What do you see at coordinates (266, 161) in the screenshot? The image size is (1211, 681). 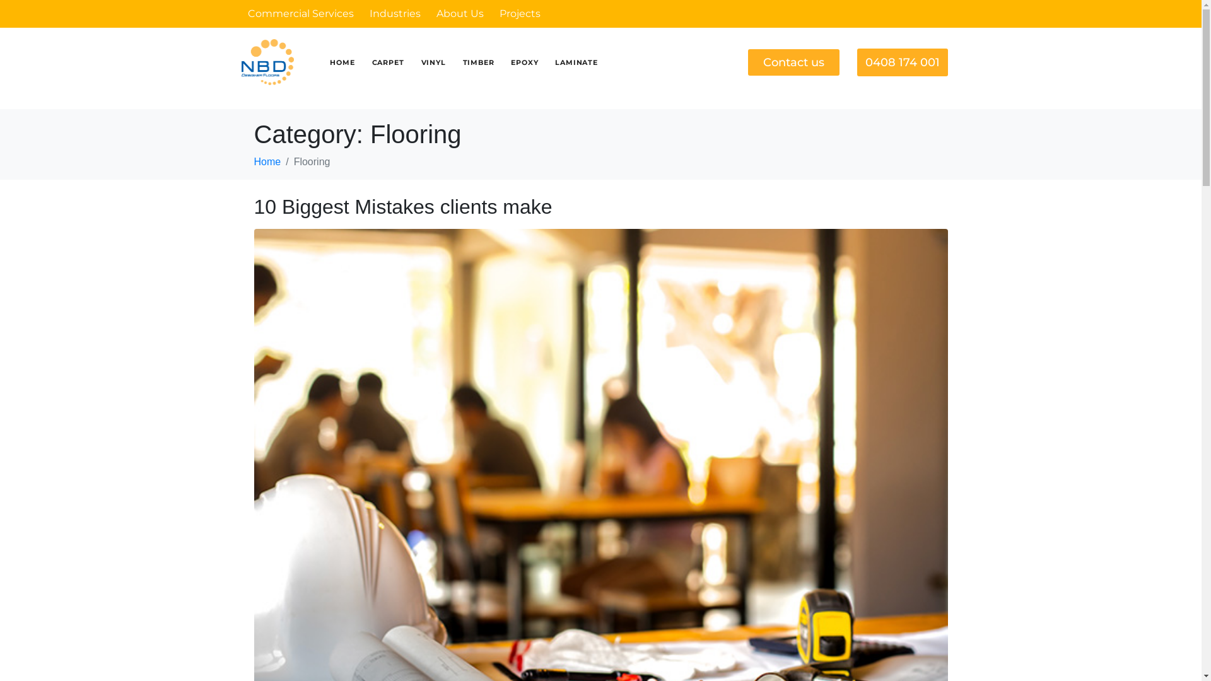 I see `'Home'` at bounding box center [266, 161].